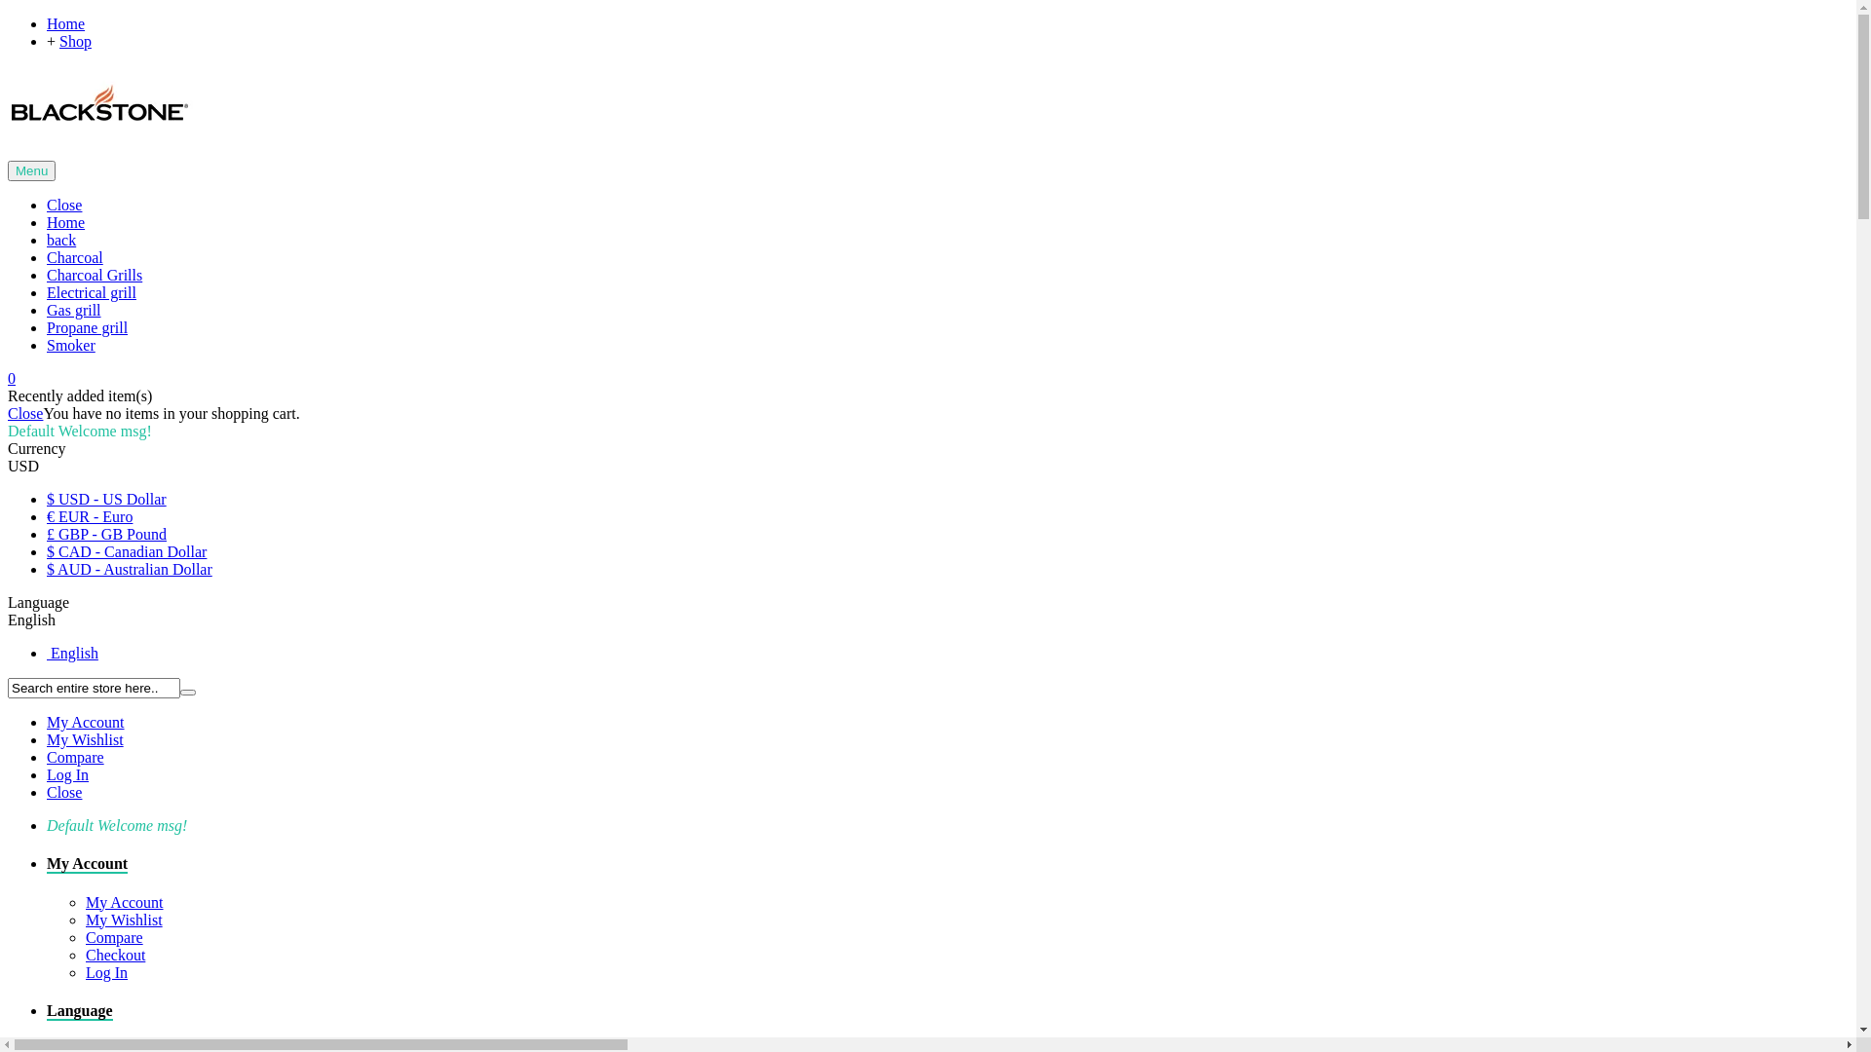 The image size is (1871, 1052). Describe the element at coordinates (84, 954) in the screenshot. I see `'Checkout'` at that location.